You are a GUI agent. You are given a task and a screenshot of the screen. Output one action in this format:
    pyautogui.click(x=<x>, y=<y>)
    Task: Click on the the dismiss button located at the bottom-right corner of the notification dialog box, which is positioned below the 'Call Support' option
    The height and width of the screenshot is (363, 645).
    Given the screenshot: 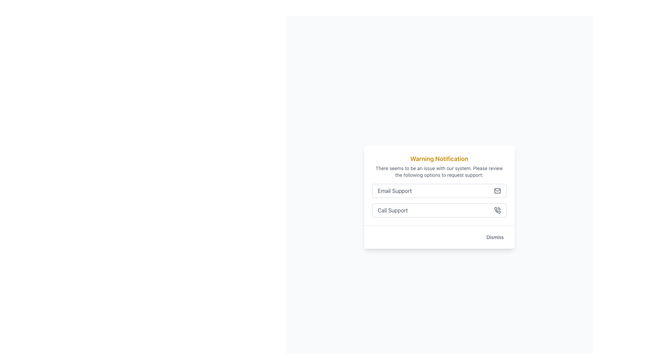 What is the action you would take?
    pyautogui.click(x=439, y=237)
    